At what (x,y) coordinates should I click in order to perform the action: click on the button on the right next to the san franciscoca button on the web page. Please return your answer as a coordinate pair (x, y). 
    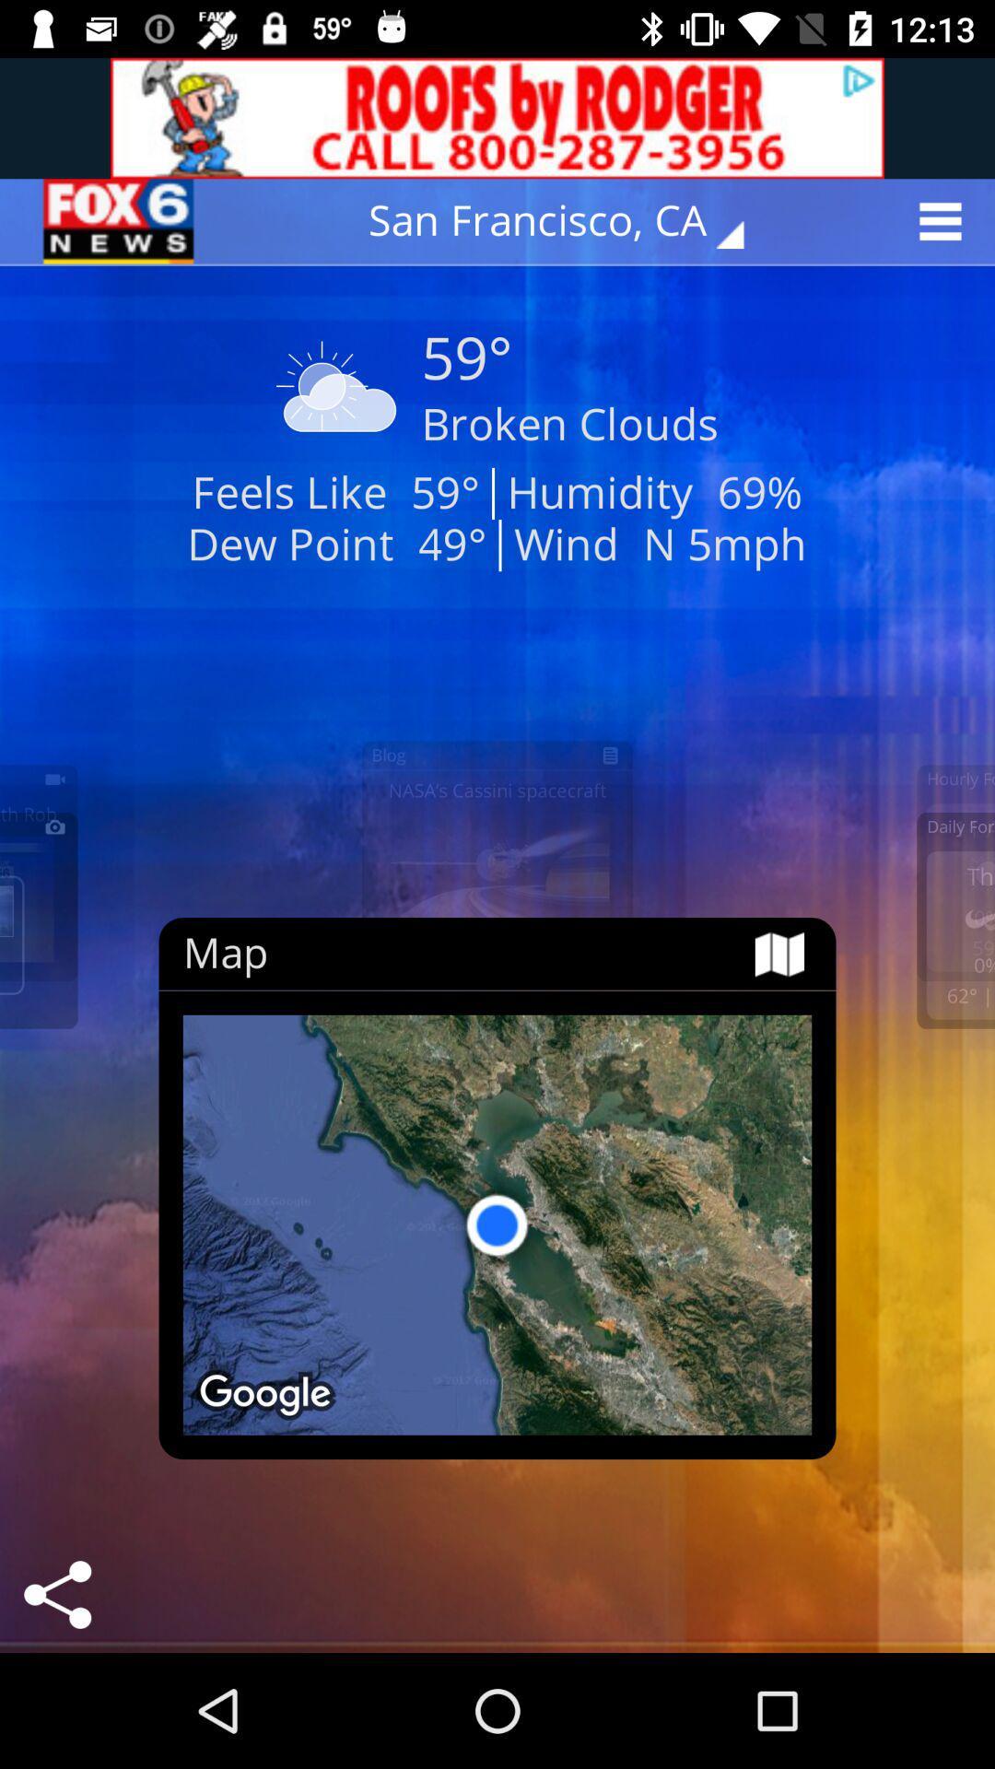
    Looking at the image, I should click on (945, 221).